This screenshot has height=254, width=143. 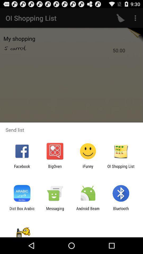 What do you see at coordinates (22, 211) in the screenshot?
I see `icon to the left of messaging` at bounding box center [22, 211].